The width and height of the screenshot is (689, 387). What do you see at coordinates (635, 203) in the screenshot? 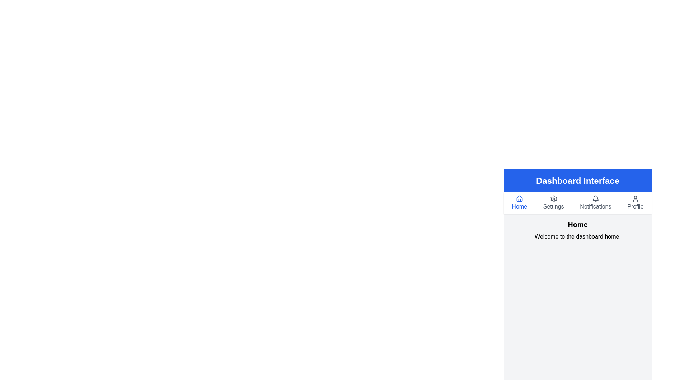
I see `the 'Profile' button in the navigation bar` at bounding box center [635, 203].